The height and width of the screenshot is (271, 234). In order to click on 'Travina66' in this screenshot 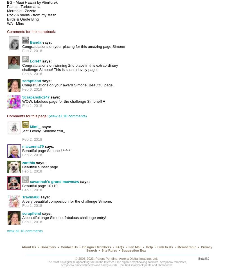, I will do `click(30, 197)`.